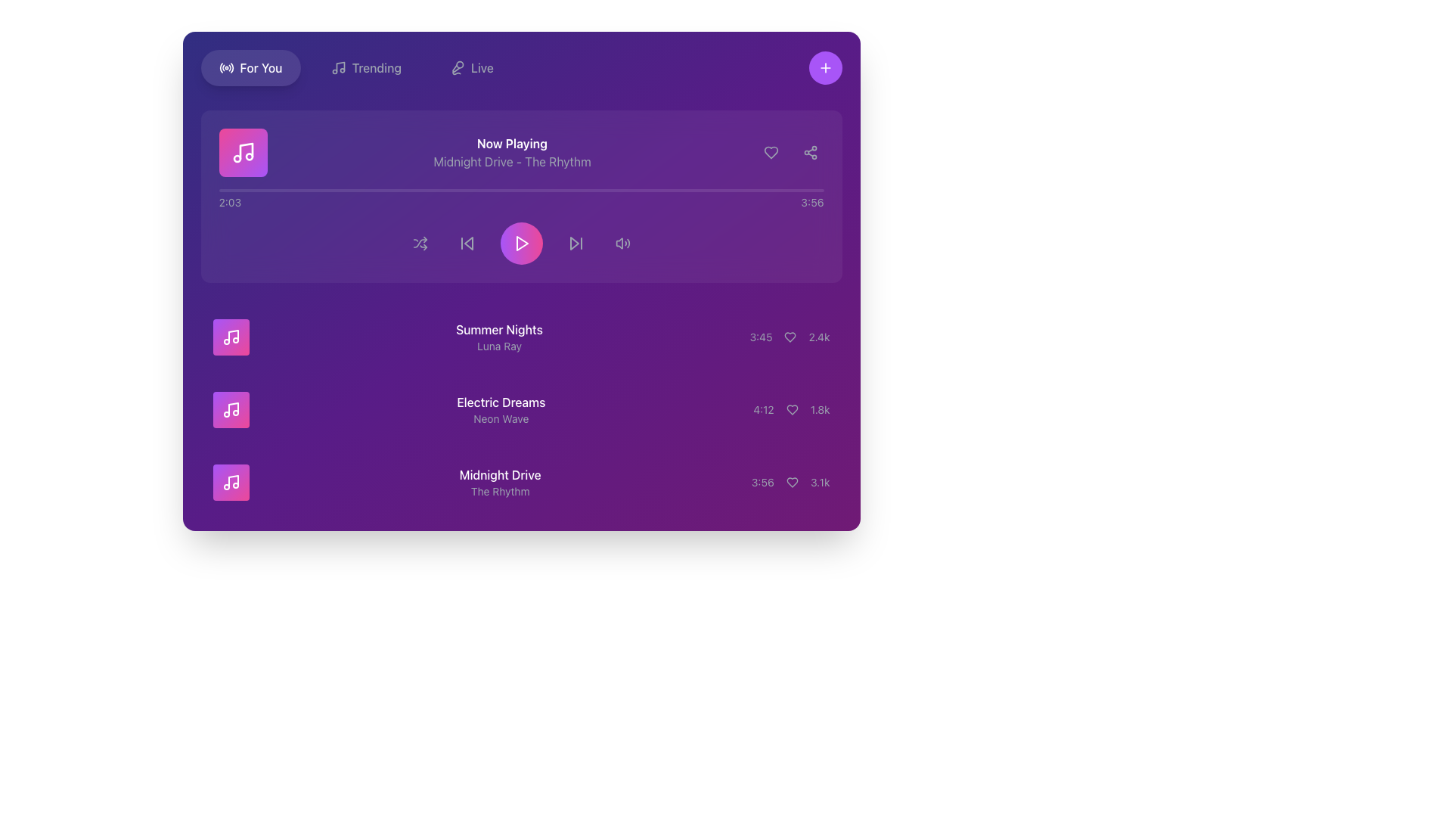 Image resolution: width=1452 pixels, height=817 pixels. What do you see at coordinates (521, 201) in the screenshot?
I see `the time display showing '2:03 3:56' located below the progress bar in the 'Now Playing' section` at bounding box center [521, 201].